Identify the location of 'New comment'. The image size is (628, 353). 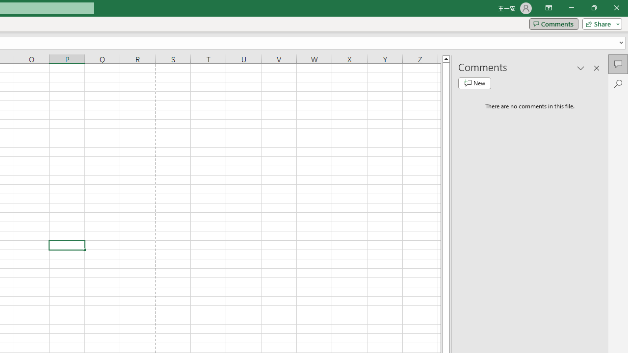
(474, 82).